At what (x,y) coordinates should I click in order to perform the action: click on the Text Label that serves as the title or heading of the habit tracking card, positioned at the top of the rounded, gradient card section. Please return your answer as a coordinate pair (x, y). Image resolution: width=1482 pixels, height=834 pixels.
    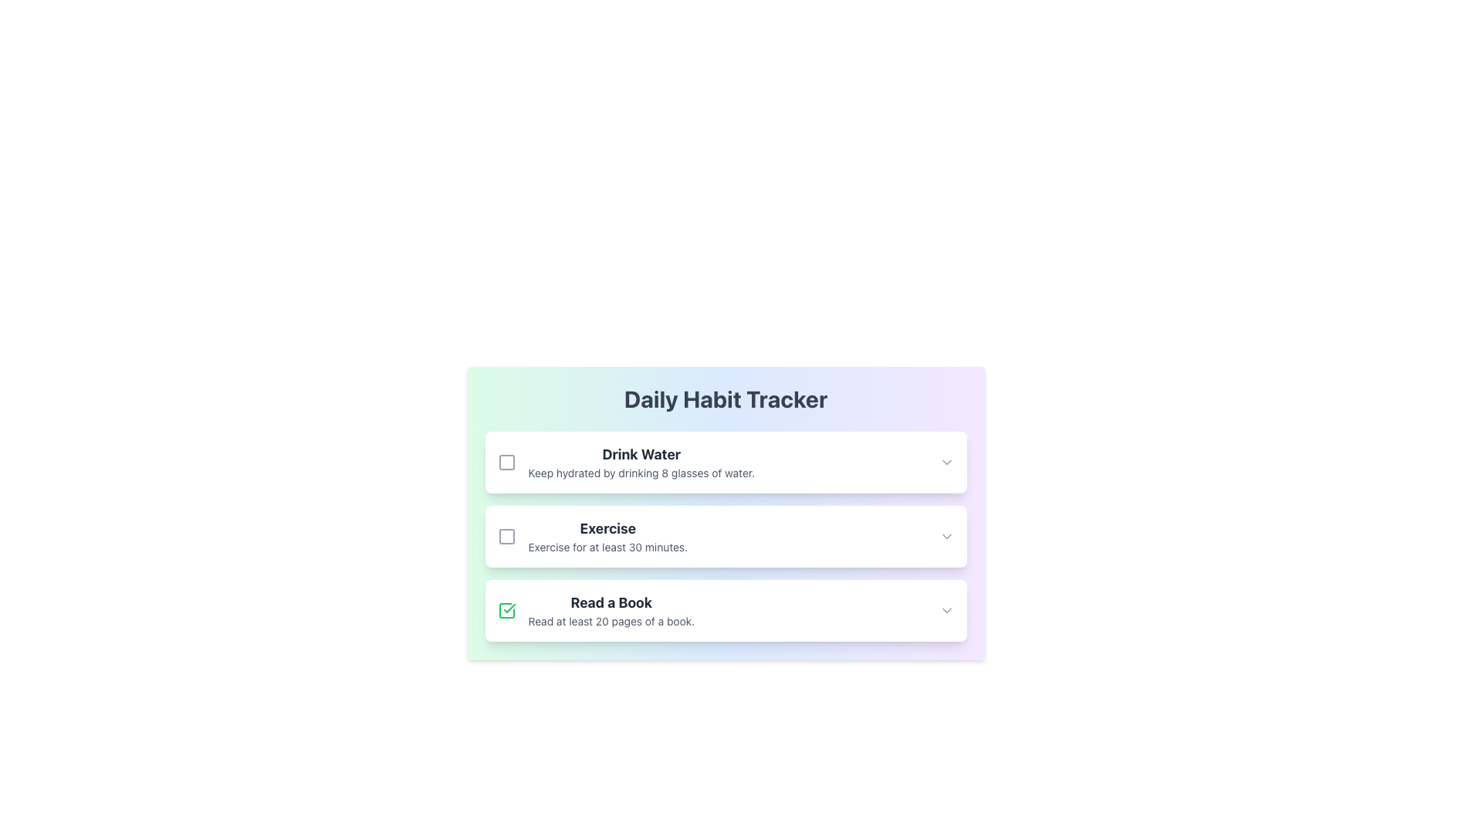
    Looking at the image, I should click on (725, 398).